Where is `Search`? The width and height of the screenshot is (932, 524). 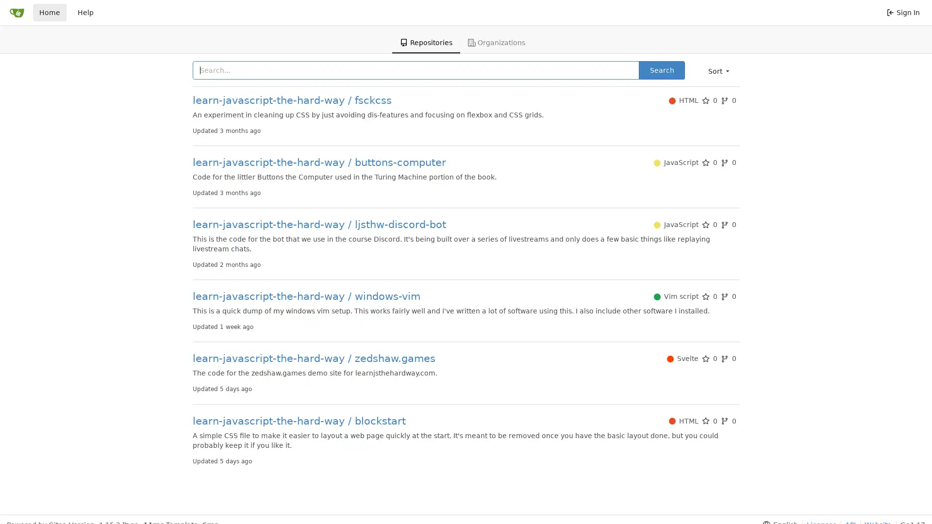 Search is located at coordinates (661, 70).